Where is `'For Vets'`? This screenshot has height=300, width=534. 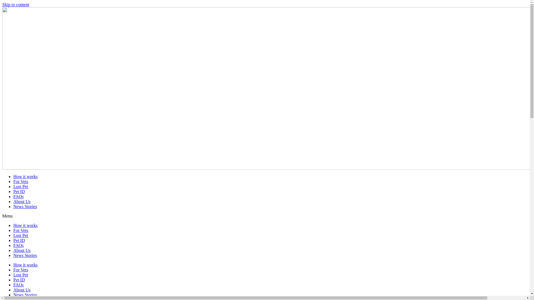 'For Vets' is located at coordinates (21, 269).